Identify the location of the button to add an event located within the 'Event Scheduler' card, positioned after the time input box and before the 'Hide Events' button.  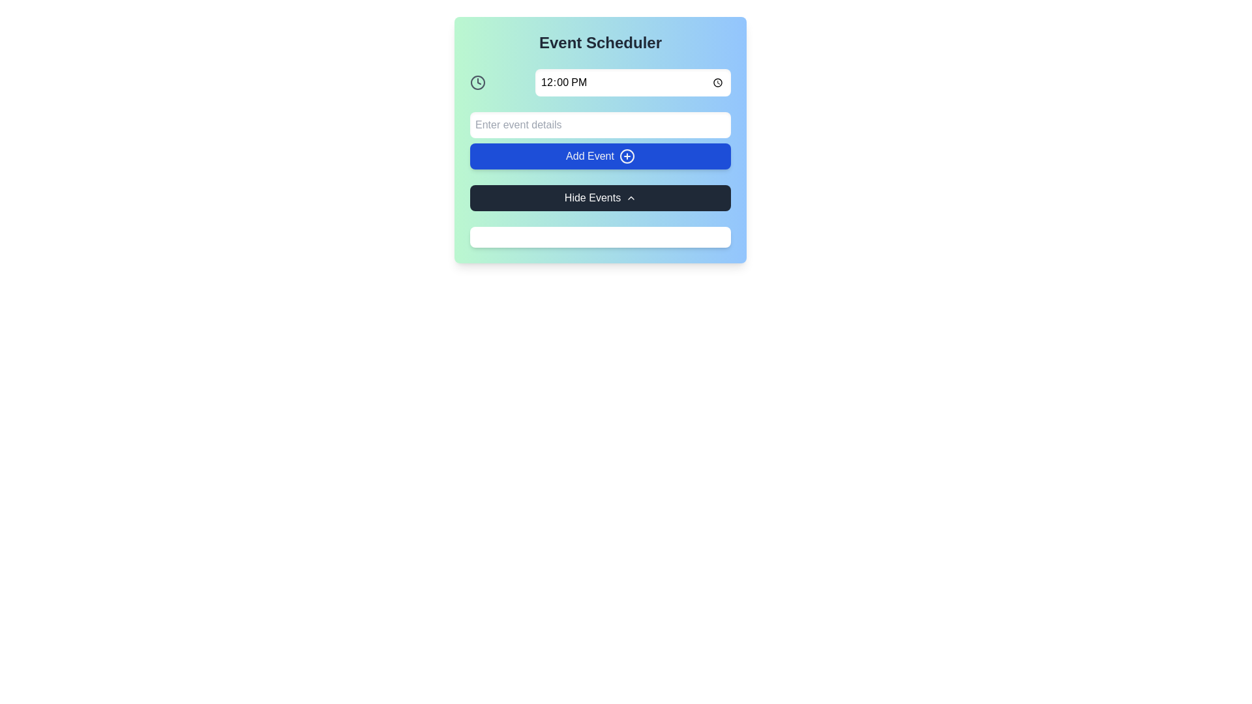
(600, 140).